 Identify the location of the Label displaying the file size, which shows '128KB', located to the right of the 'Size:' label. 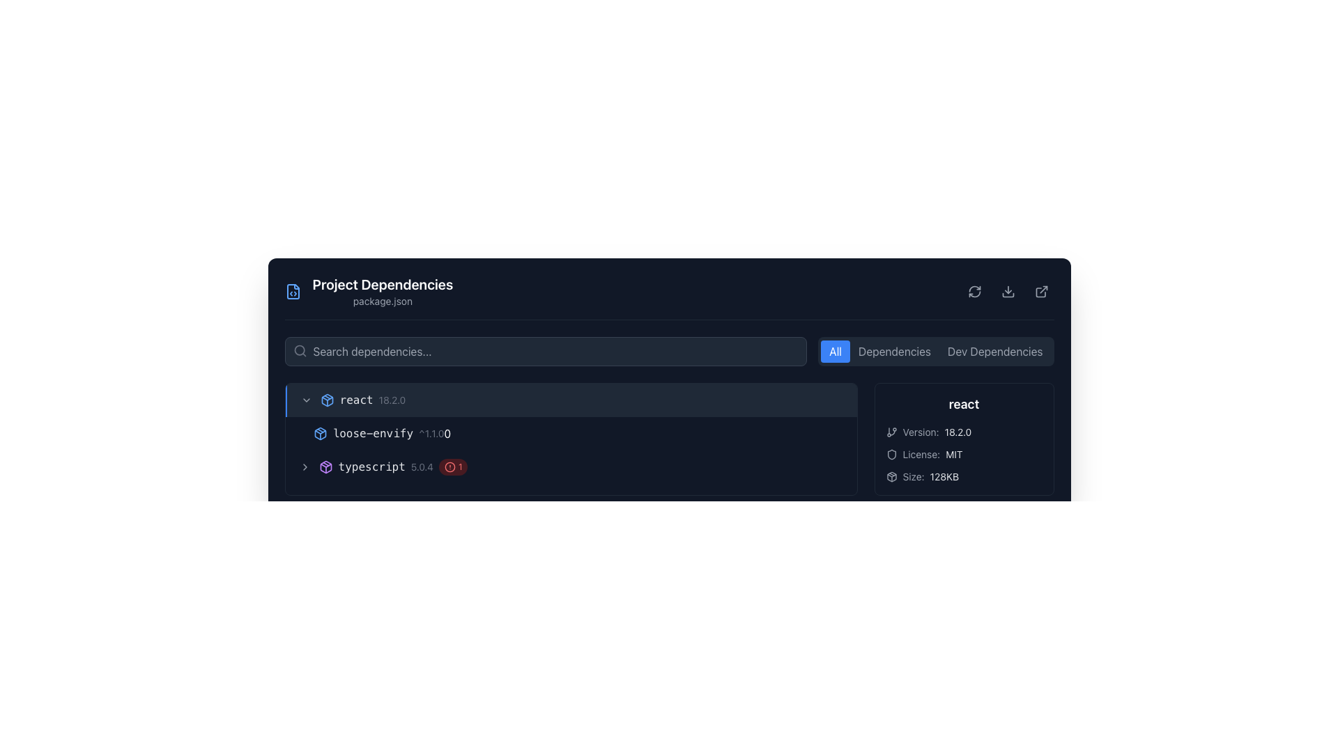
(944, 476).